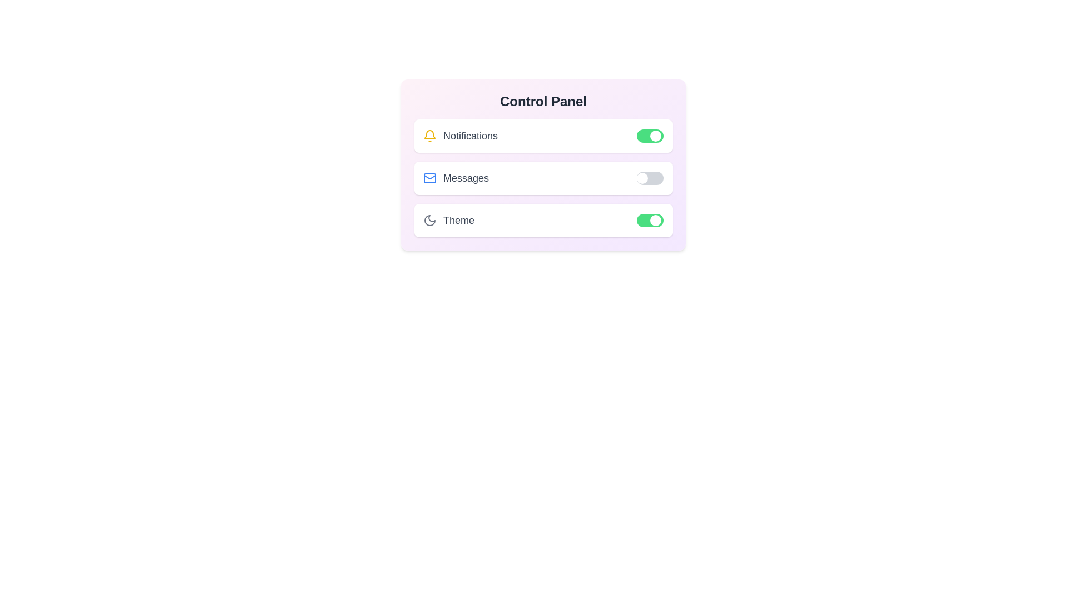 The image size is (1068, 600). I want to click on the toggle switch group element for the messaging feature located in the Control Panel, so click(543, 177).